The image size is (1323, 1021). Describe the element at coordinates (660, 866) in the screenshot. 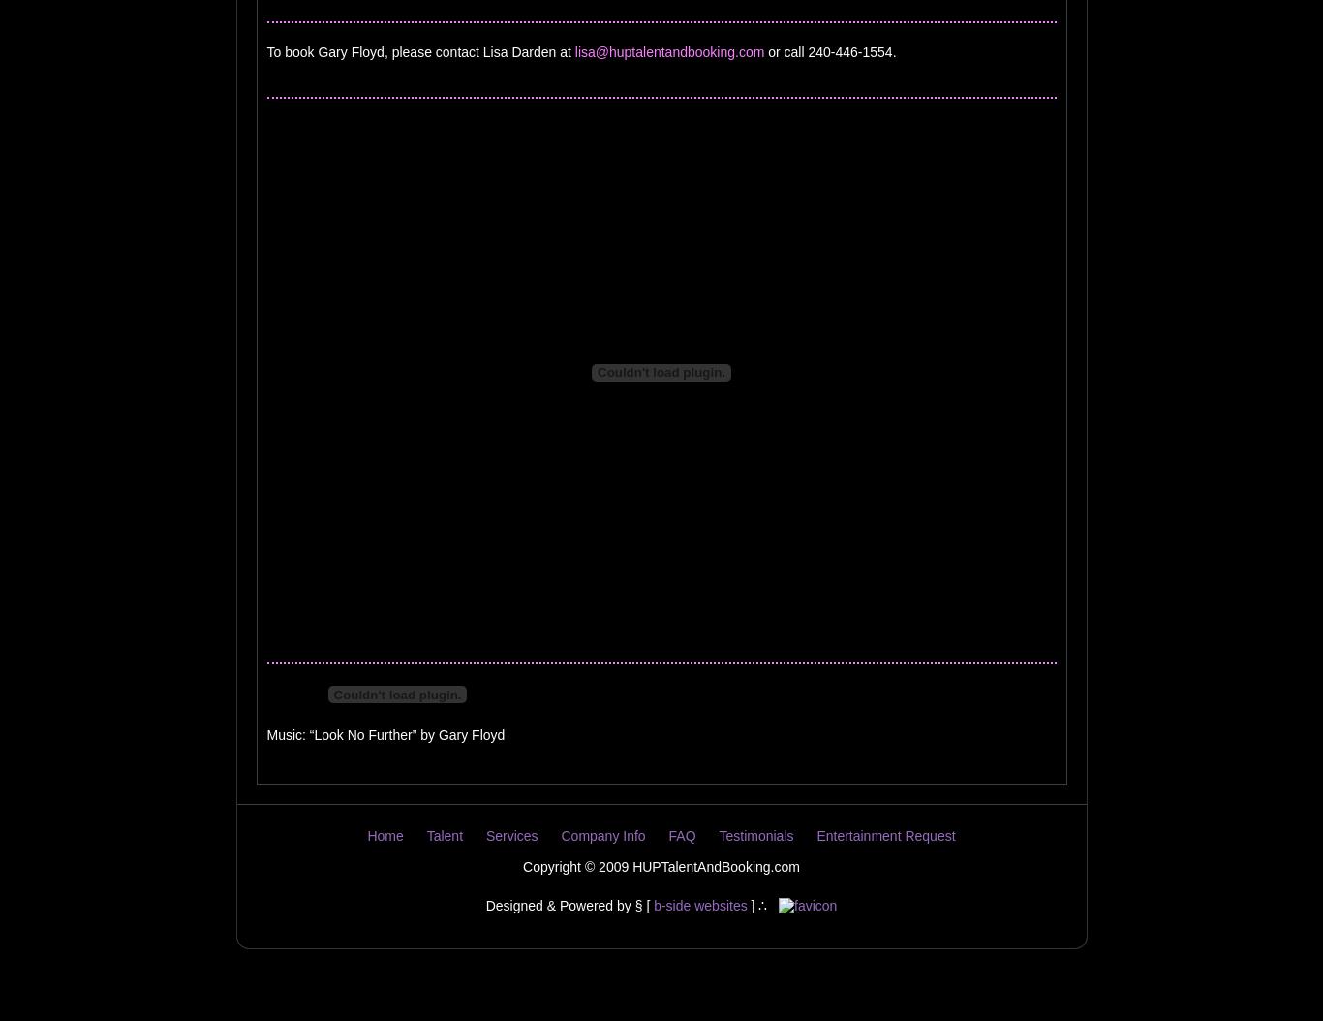

I see `'Copyright © 2009 HUPTalentAndBooking.com'` at that location.